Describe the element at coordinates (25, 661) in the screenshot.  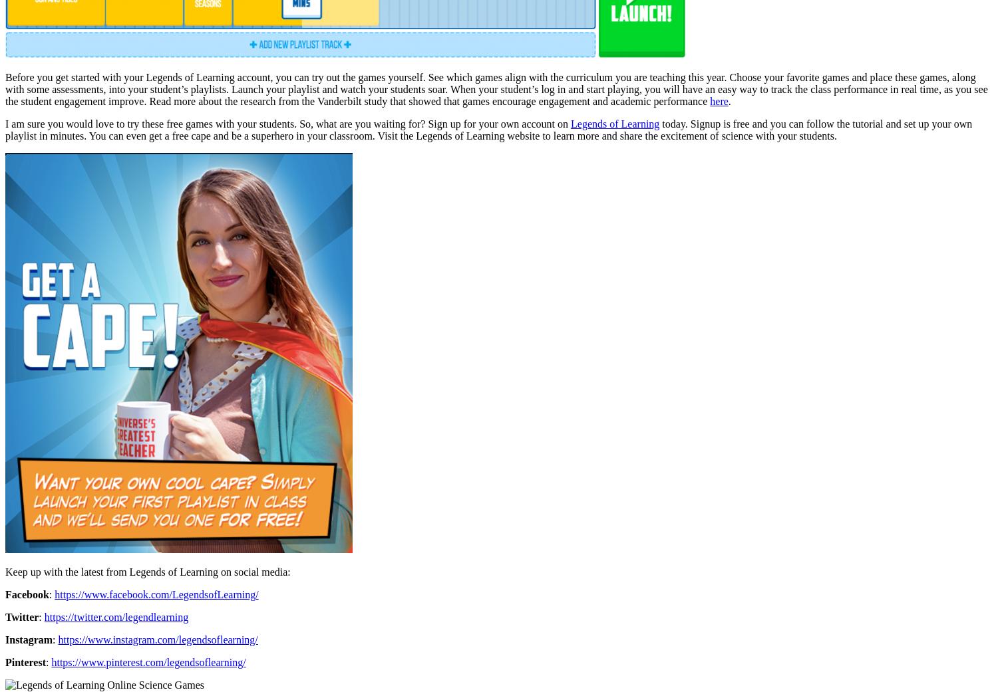
I see `'Pinterest'` at that location.